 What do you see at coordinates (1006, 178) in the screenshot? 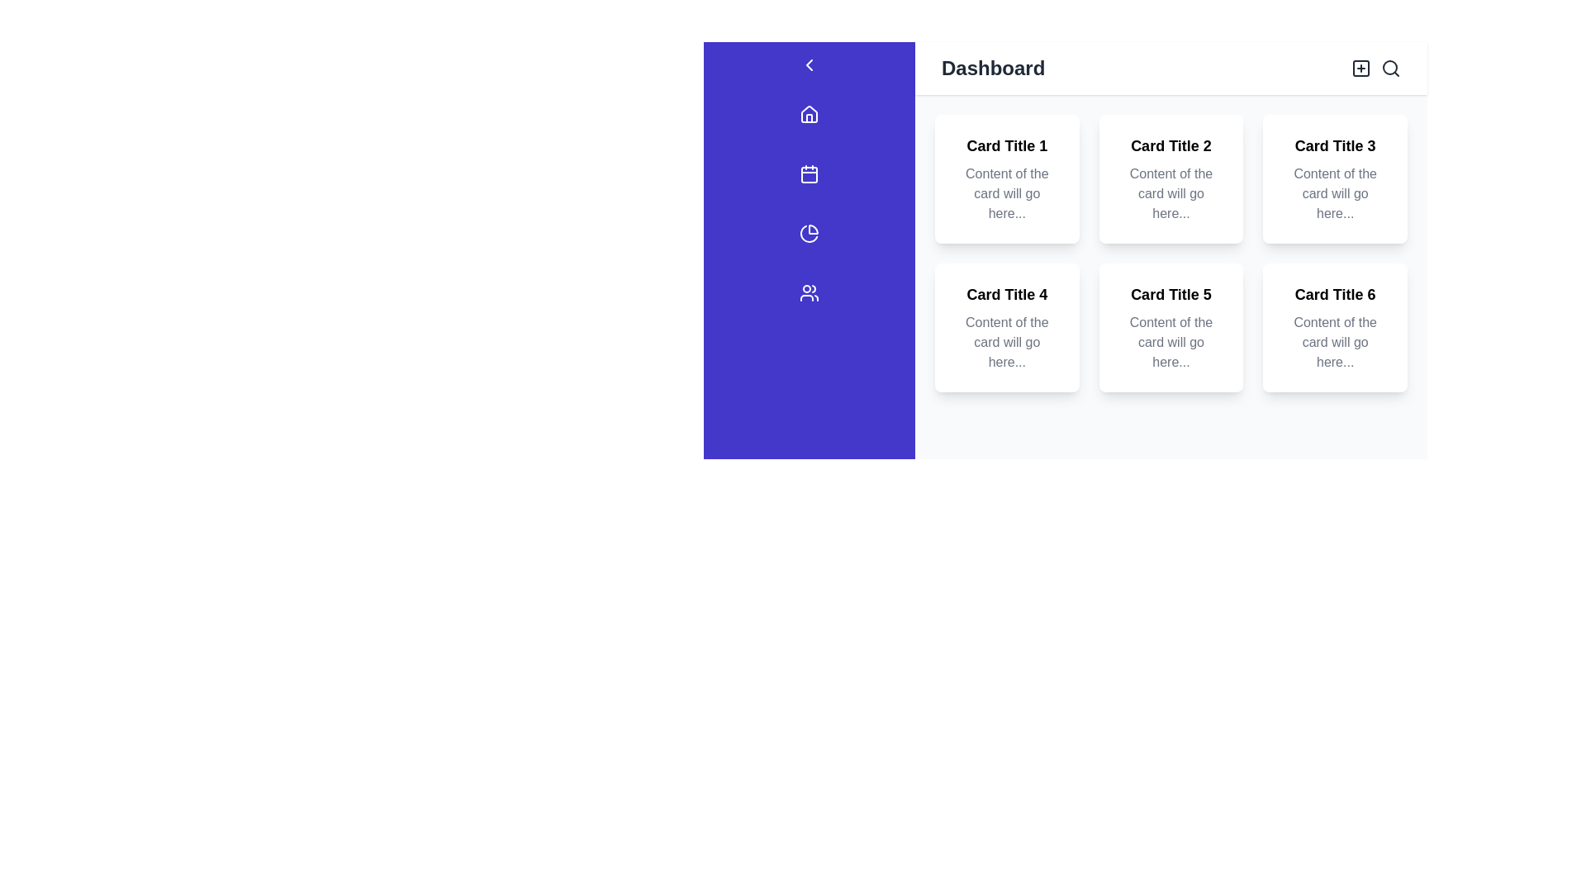
I see `the first card in the grid layout` at bounding box center [1006, 178].